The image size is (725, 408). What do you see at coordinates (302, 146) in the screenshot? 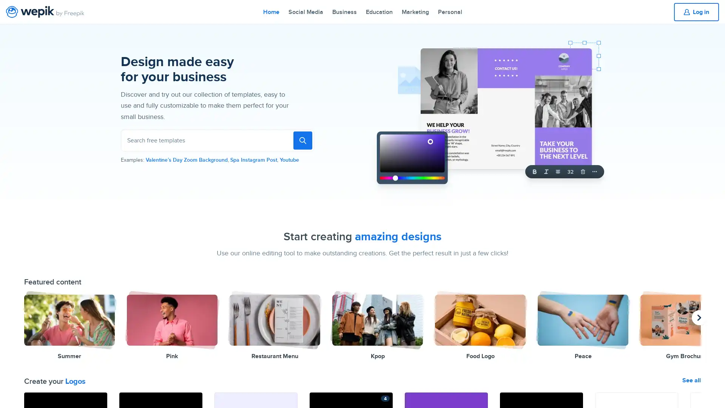
I see `To search` at bounding box center [302, 146].